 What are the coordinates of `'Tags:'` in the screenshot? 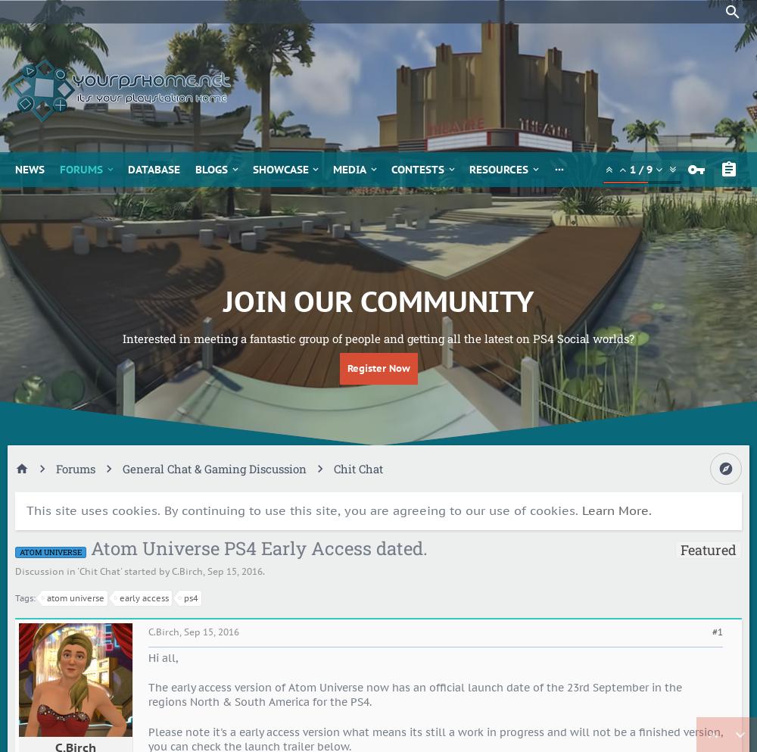 It's located at (25, 597).